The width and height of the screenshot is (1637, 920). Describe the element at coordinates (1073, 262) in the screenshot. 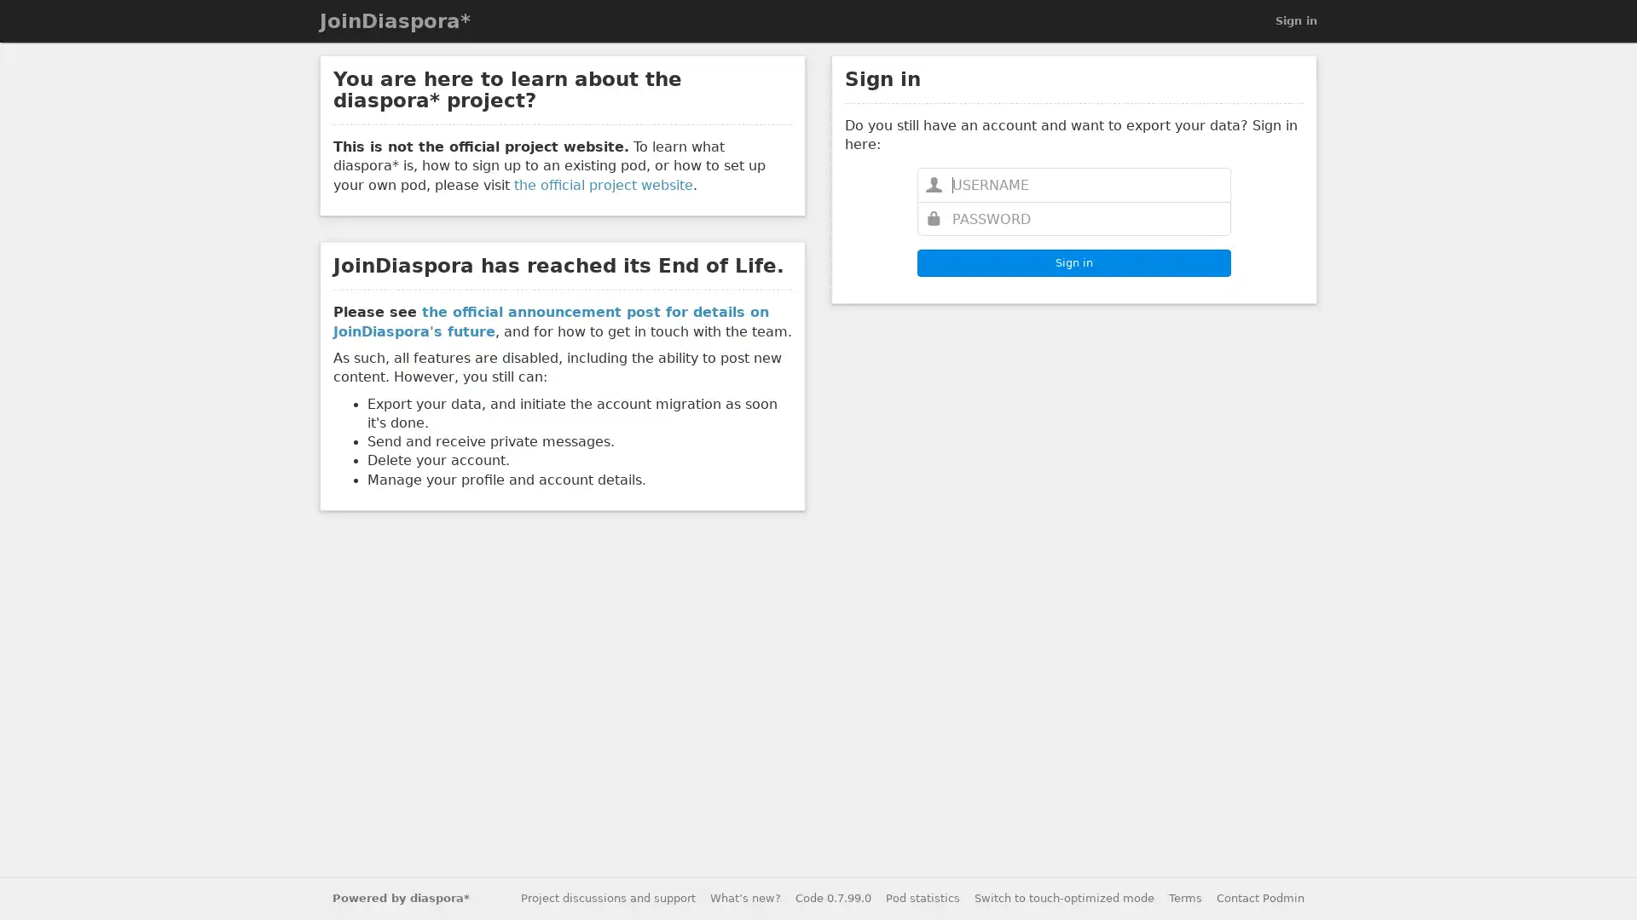

I see `Sign in` at that location.